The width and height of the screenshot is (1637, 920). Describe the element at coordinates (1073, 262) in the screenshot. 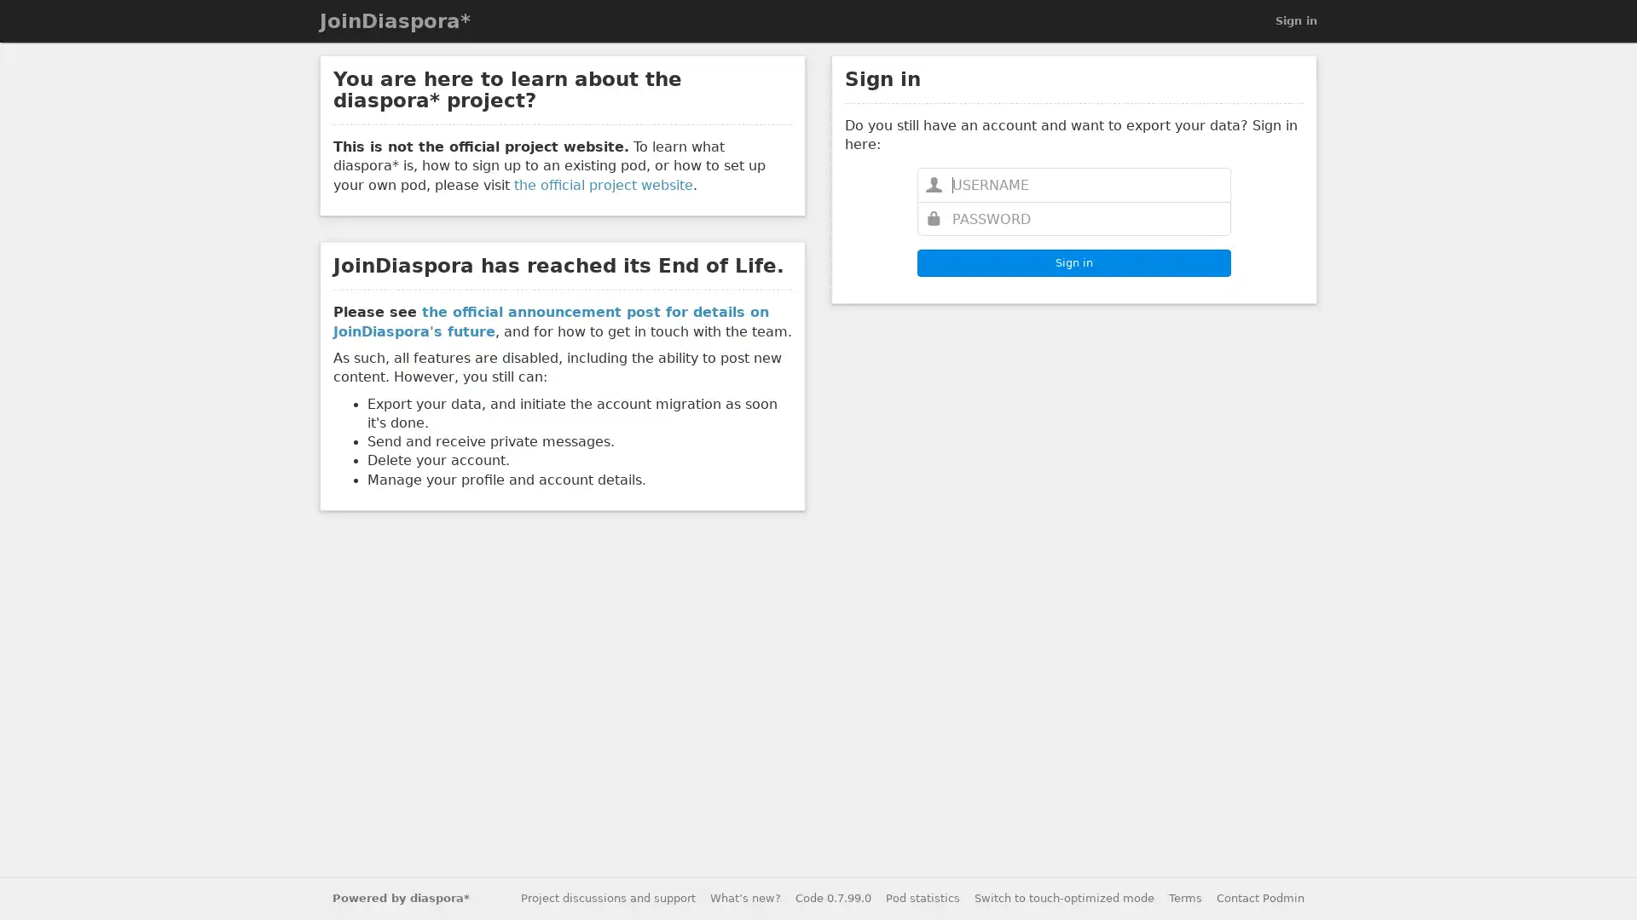

I see `Sign in` at that location.